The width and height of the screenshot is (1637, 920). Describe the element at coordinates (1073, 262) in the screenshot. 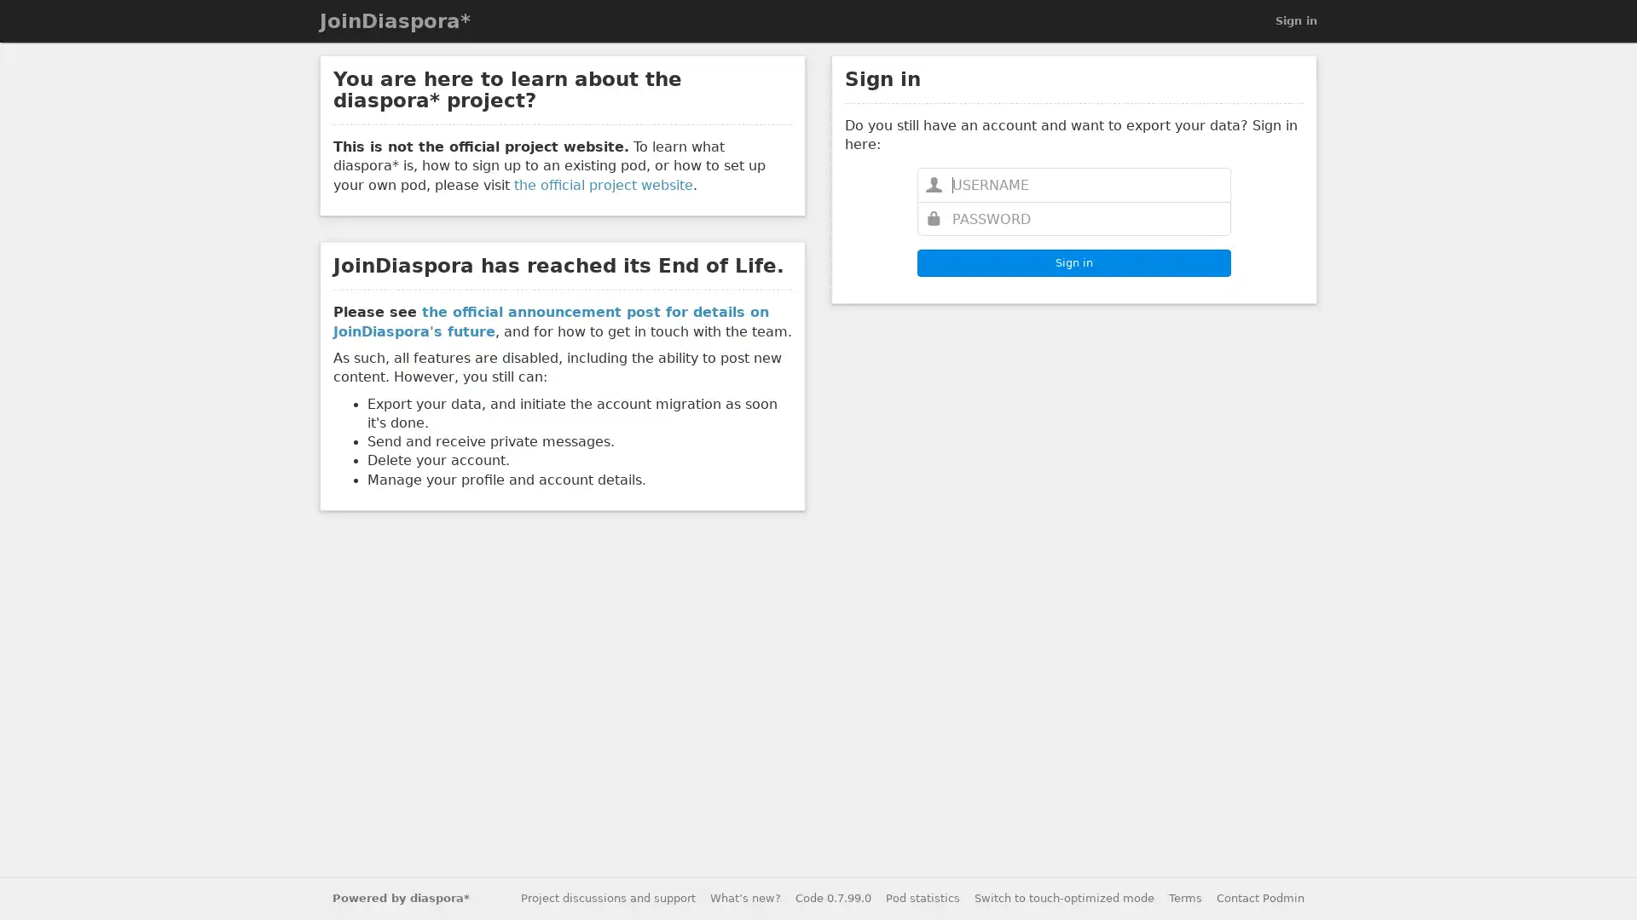

I see `Sign in` at that location.